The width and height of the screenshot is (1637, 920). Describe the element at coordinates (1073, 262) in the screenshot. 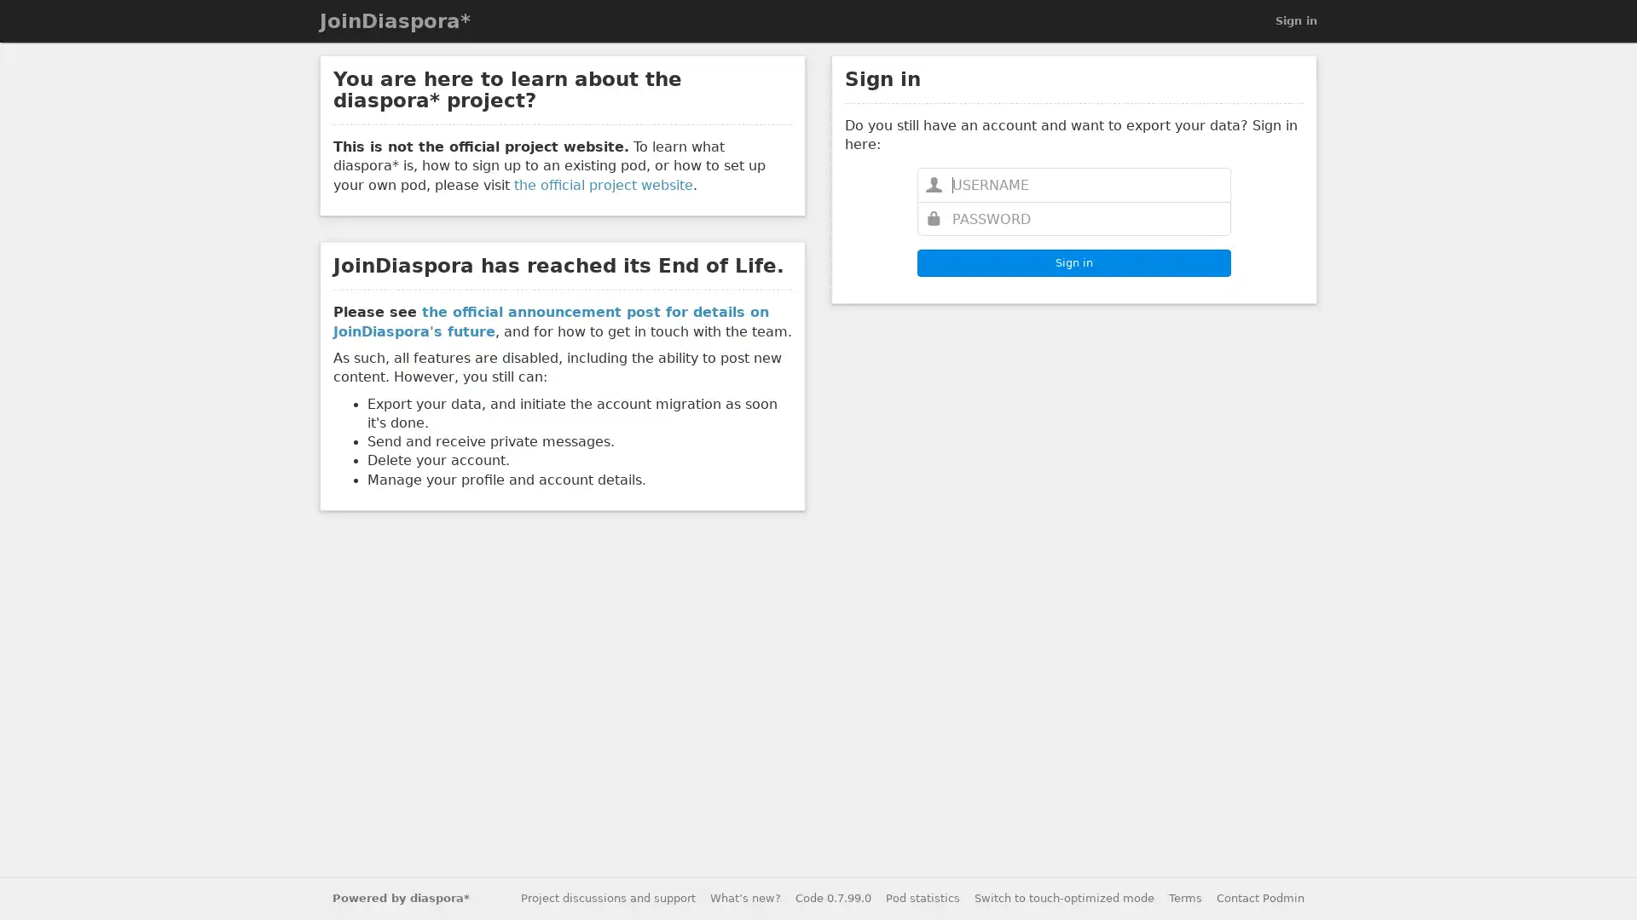

I see `Sign in` at that location.